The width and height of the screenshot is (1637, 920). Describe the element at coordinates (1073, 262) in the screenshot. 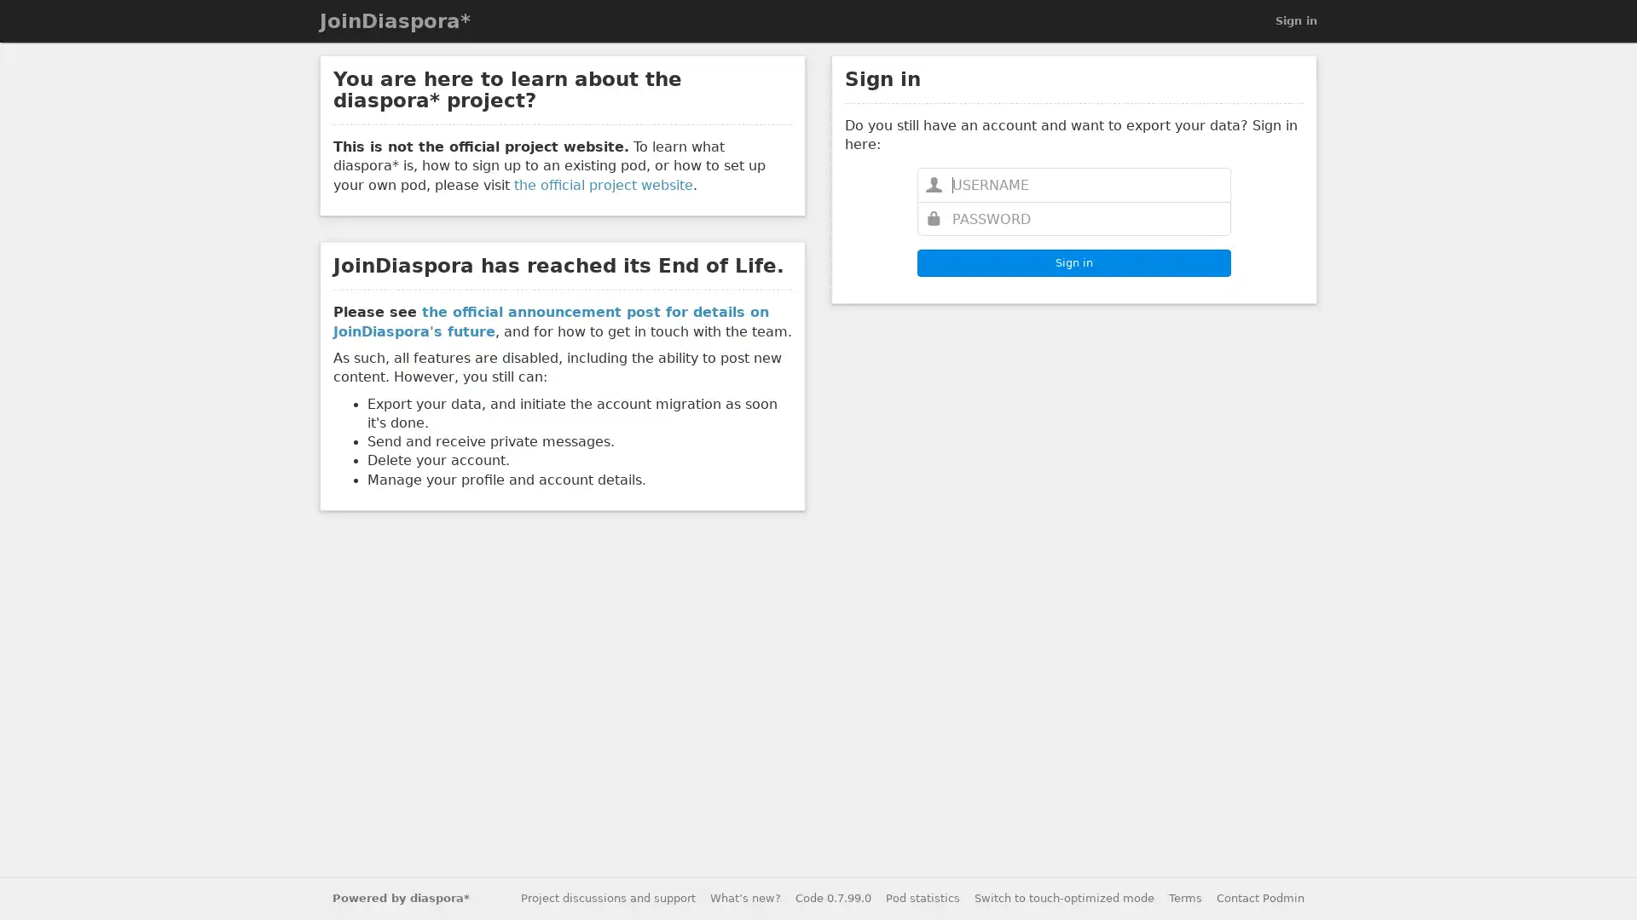

I see `Sign in` at that location.